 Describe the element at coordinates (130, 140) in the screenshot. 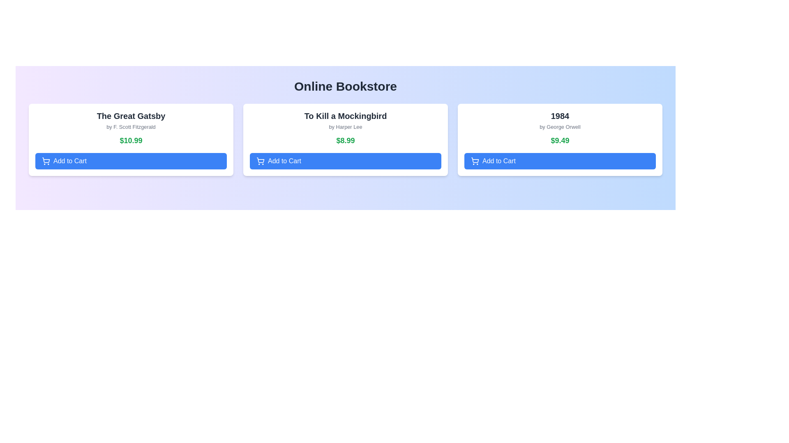

I see `the price label displaying the price '$10.99', which is styled in a bold green font and located beneath the book title 'The Great Gatsby' and the author's name` at that location.